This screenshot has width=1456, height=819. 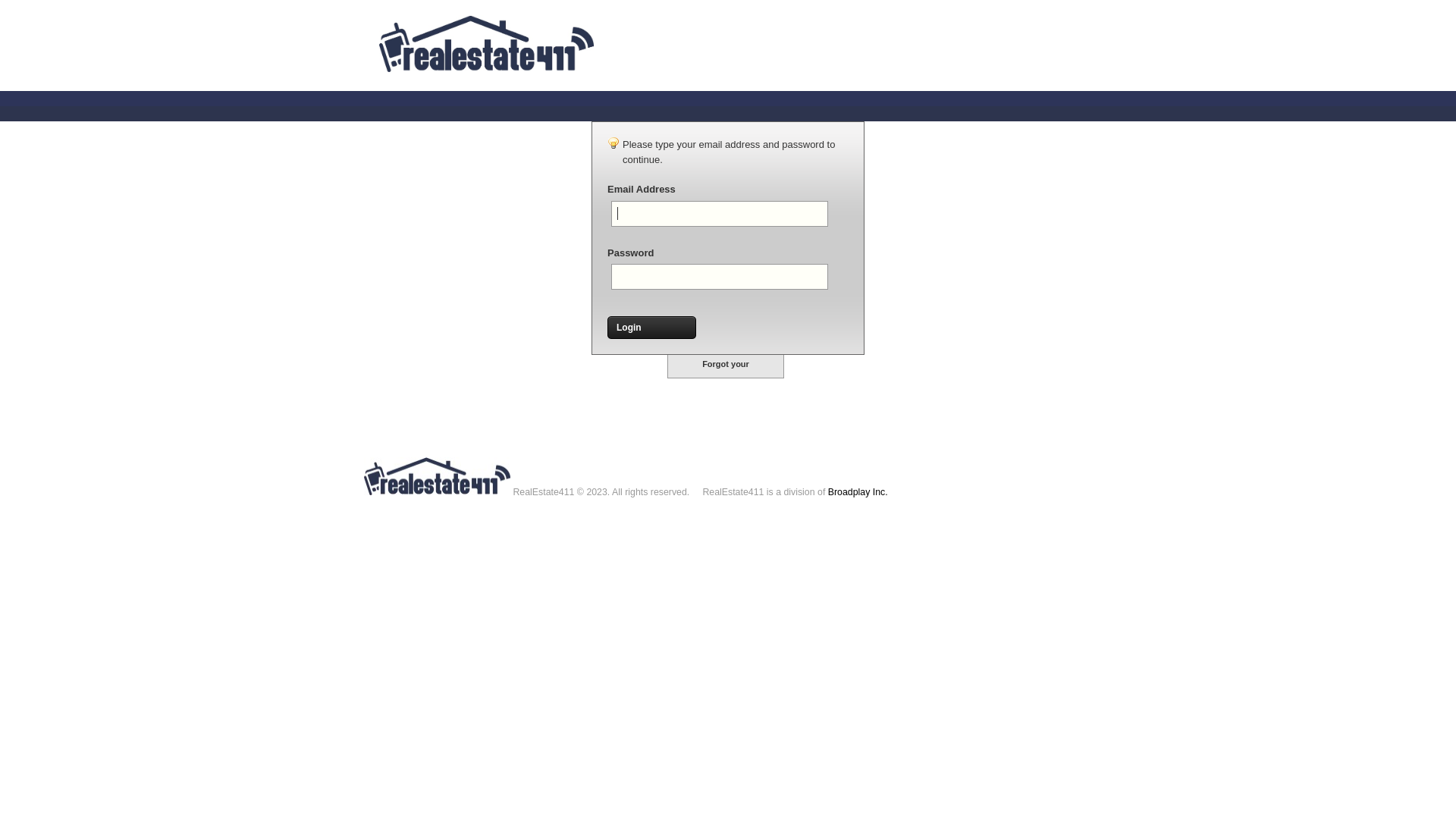 I want to click on 'Forgot your password?', so click(x=724, y=366).